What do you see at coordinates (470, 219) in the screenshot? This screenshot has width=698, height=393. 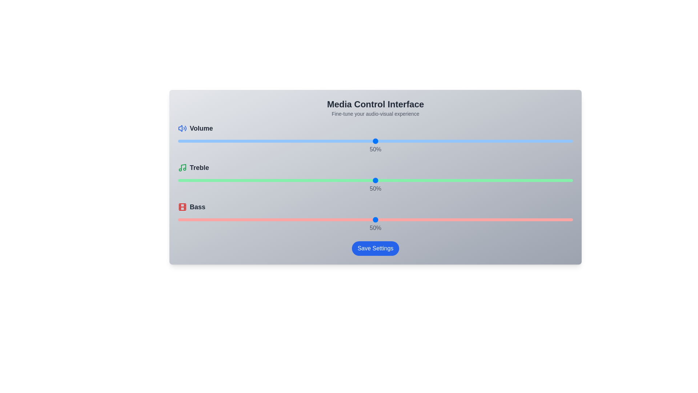 I see `the bass level` at bounding box center [470, 219].